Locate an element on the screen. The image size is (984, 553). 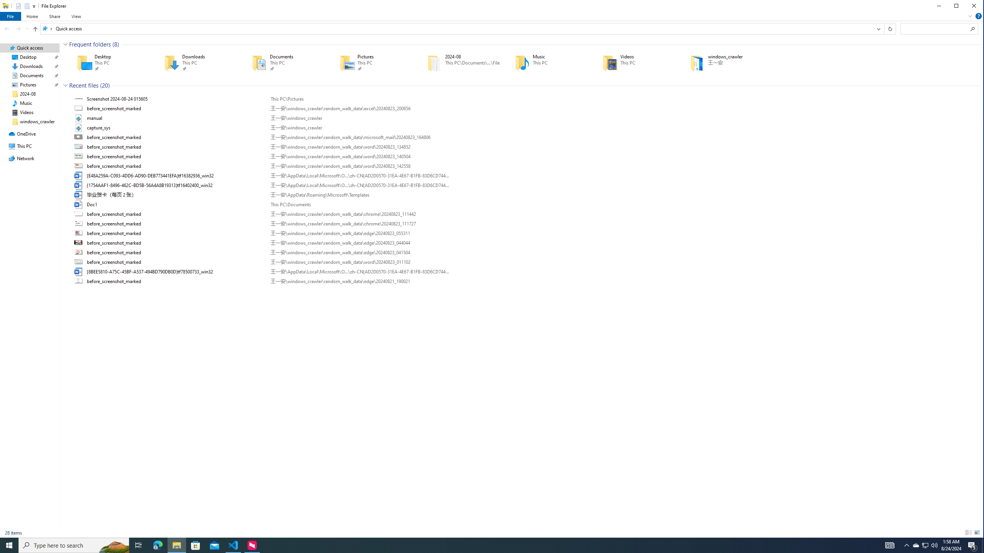
'Help' is located at coordinates (978, 16).